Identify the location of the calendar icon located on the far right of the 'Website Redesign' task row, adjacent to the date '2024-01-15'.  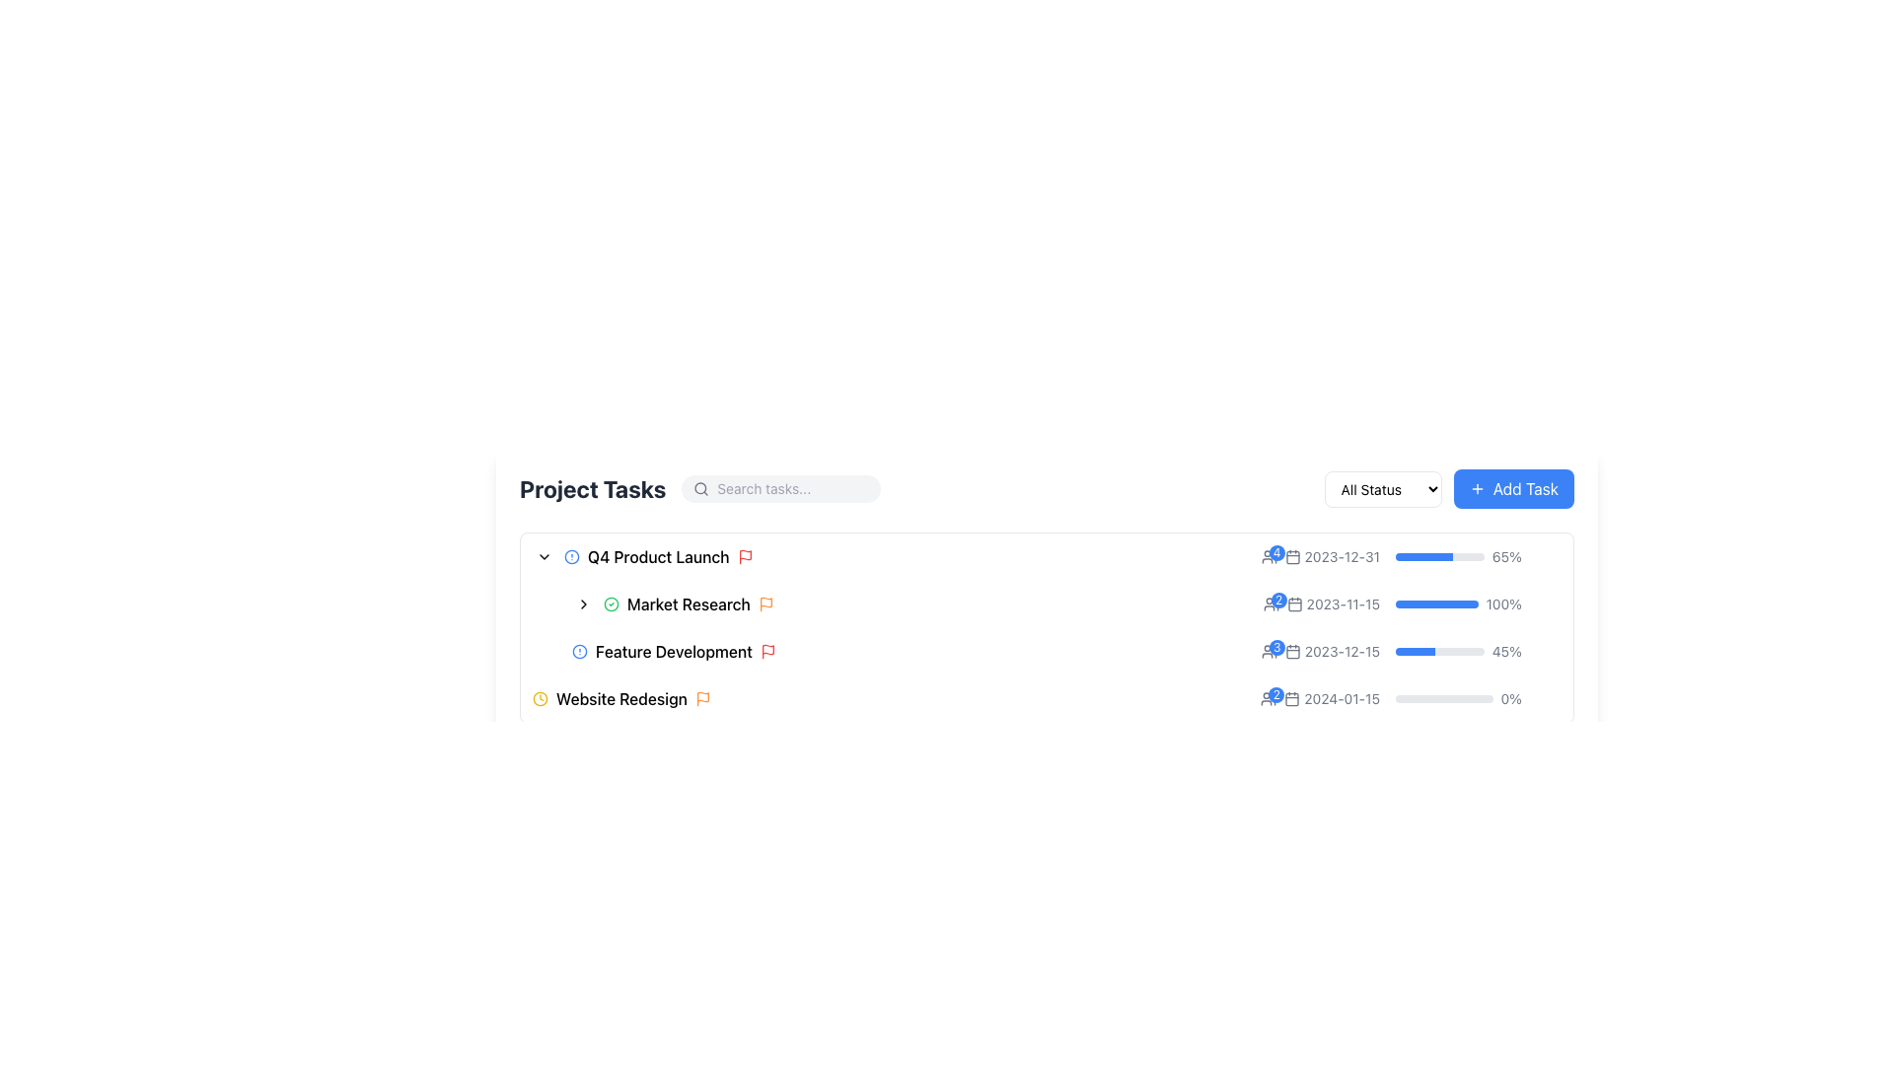
(1292, 698).